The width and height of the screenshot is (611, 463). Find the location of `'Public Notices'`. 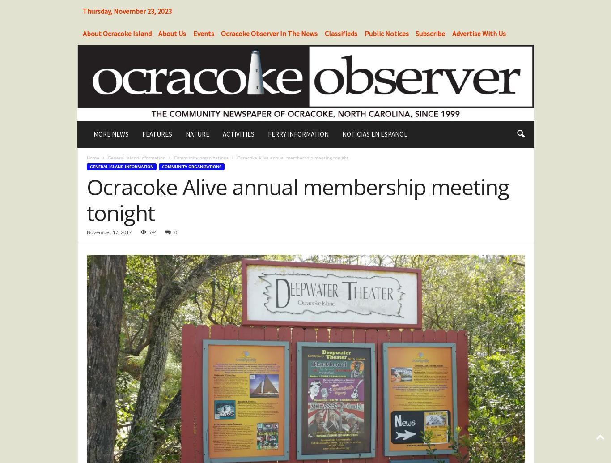

'Public Notices' is located at coordinates (386, 33).